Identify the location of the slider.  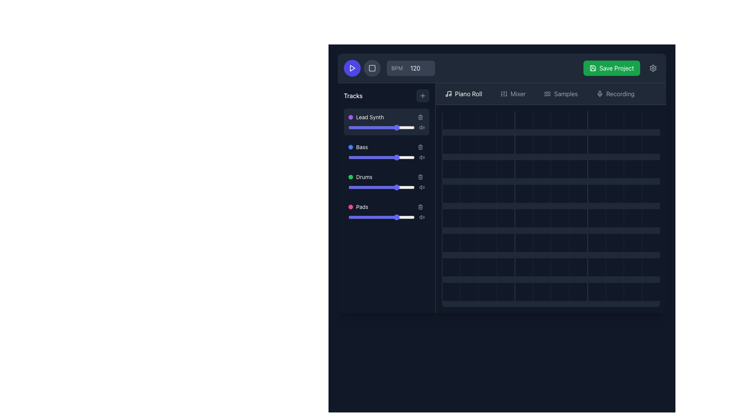
(406, 217).